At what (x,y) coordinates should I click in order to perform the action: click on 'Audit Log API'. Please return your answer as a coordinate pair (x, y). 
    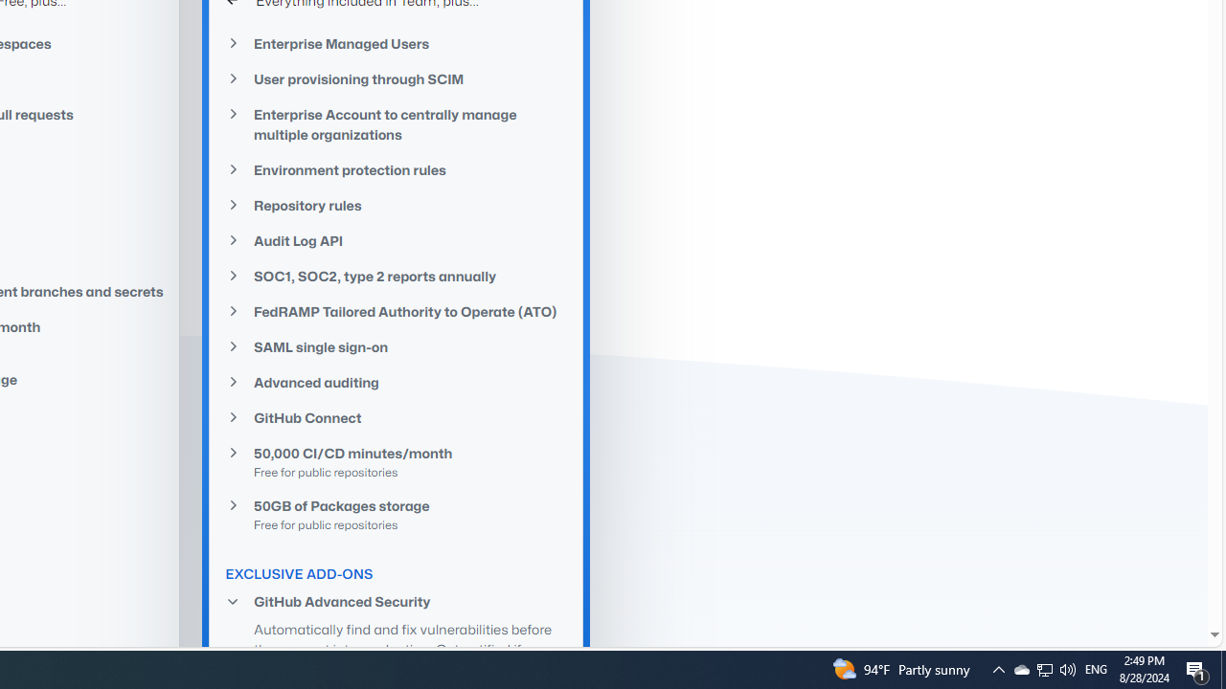
    Looking at the image, I should click on (396, 239).